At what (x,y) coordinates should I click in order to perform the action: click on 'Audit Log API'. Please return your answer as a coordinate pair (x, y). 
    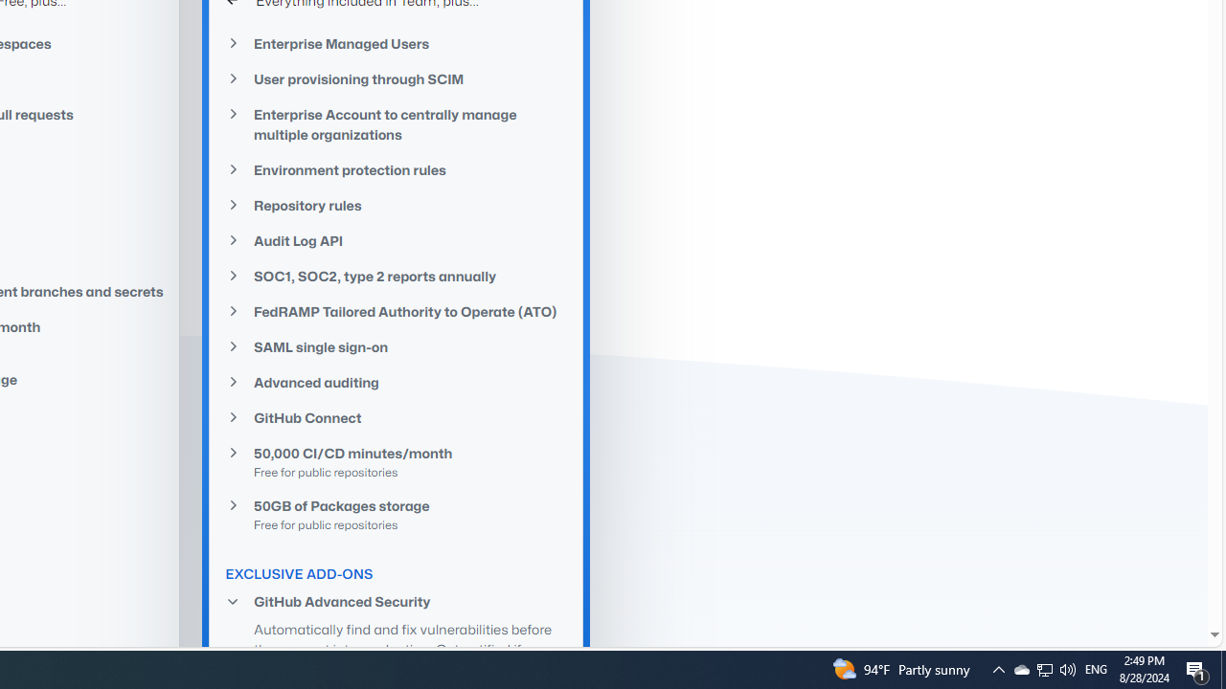
    Looking at the image, I should click on (396, 239).